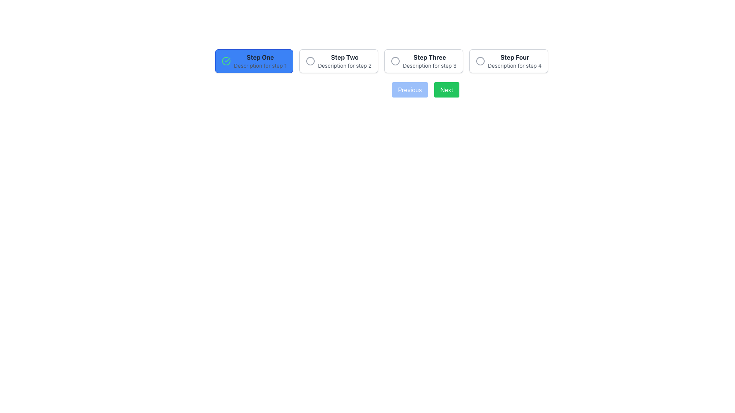  Describe the element at coordinates (480, 60) in the screenshot. I see `the decorative graphical icon associated with the 'Step Four' indicator, which is located at the top-right portion of the interface` at that location.